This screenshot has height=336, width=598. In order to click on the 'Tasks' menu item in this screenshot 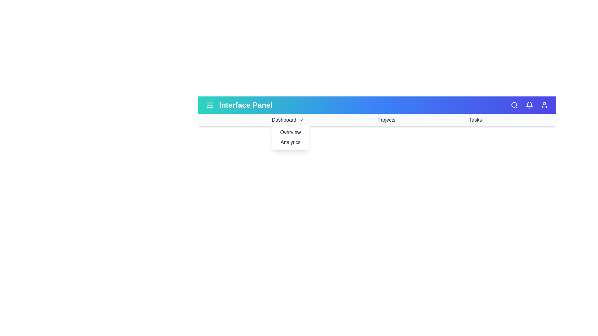, I will do `click(475, 120)`.